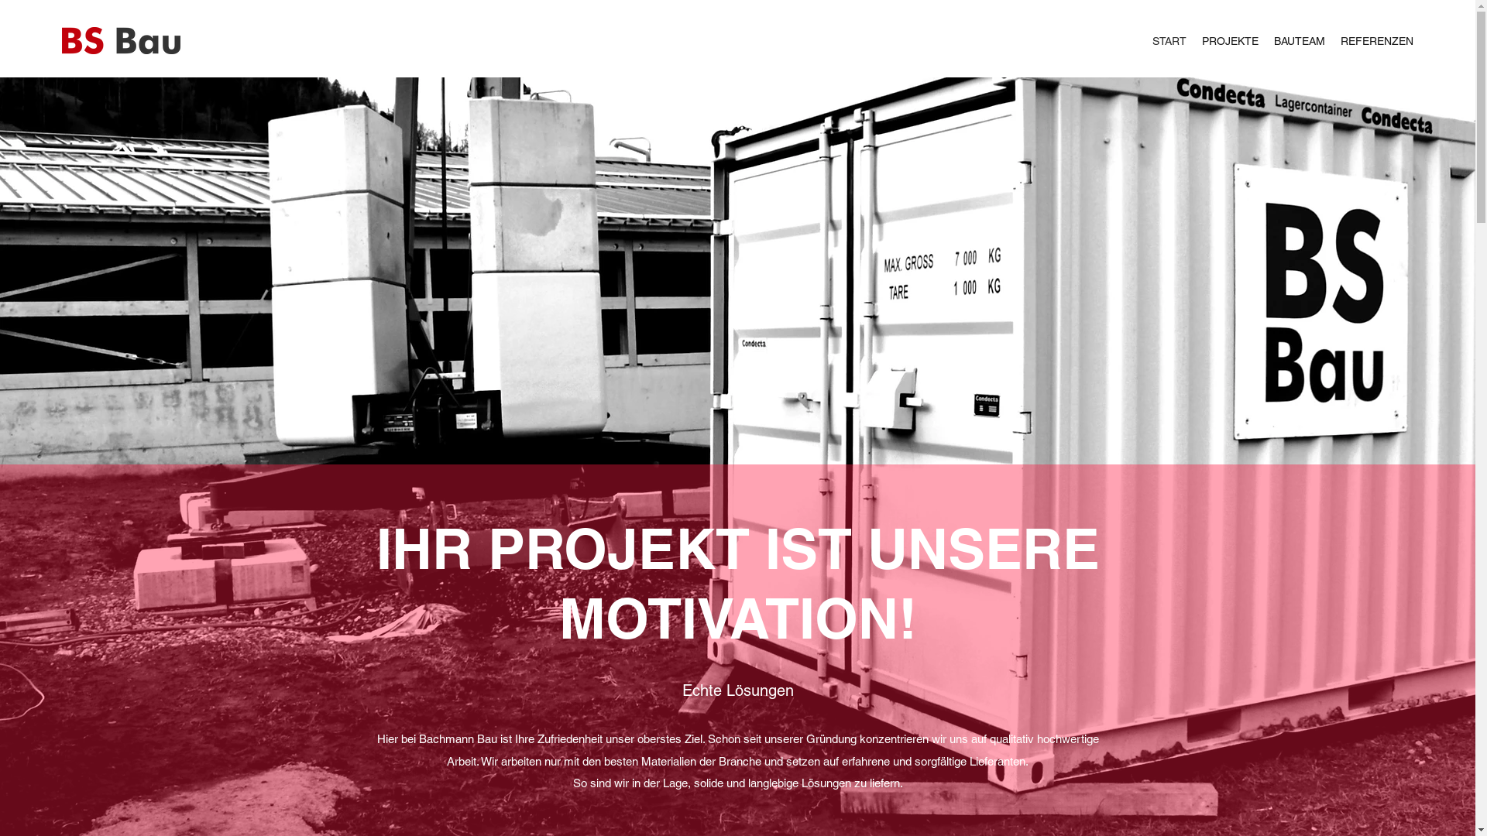 The image size is (1487, 836). I want to click on 'REFERENZEN', so click(1376, 40).